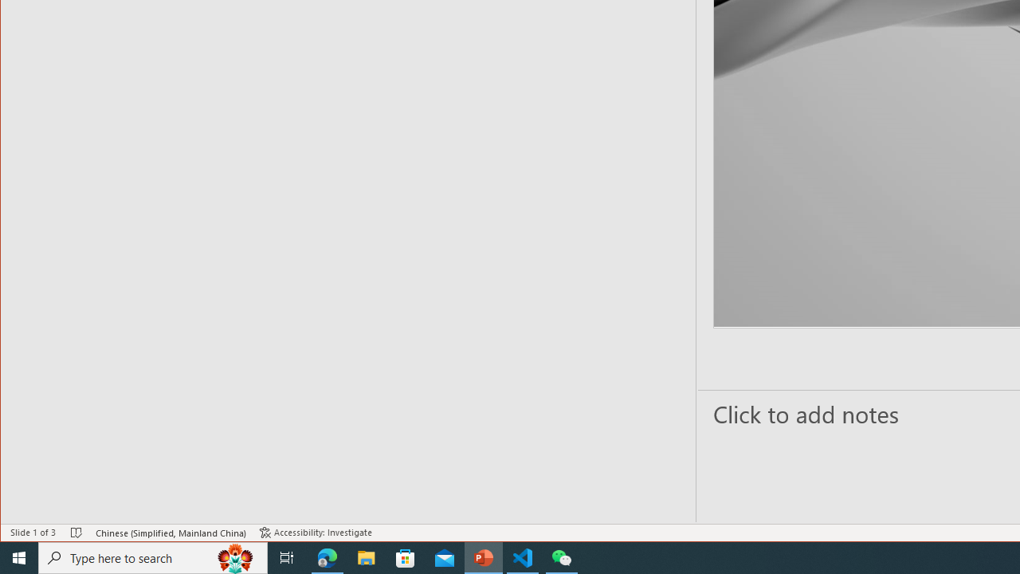 The height and width of the screenshot is (574, 1020). I want to click on 'File Explorer', so click(366, 556).